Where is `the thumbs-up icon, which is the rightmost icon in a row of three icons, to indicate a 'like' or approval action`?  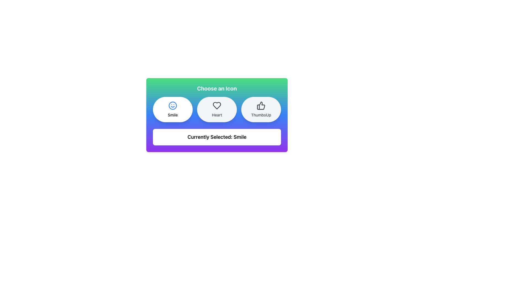
the thumbs-up icon, which is the rightmost icon in a row of three icons, to indicate a 'like' or approval action is located at coordinates (261, 105).